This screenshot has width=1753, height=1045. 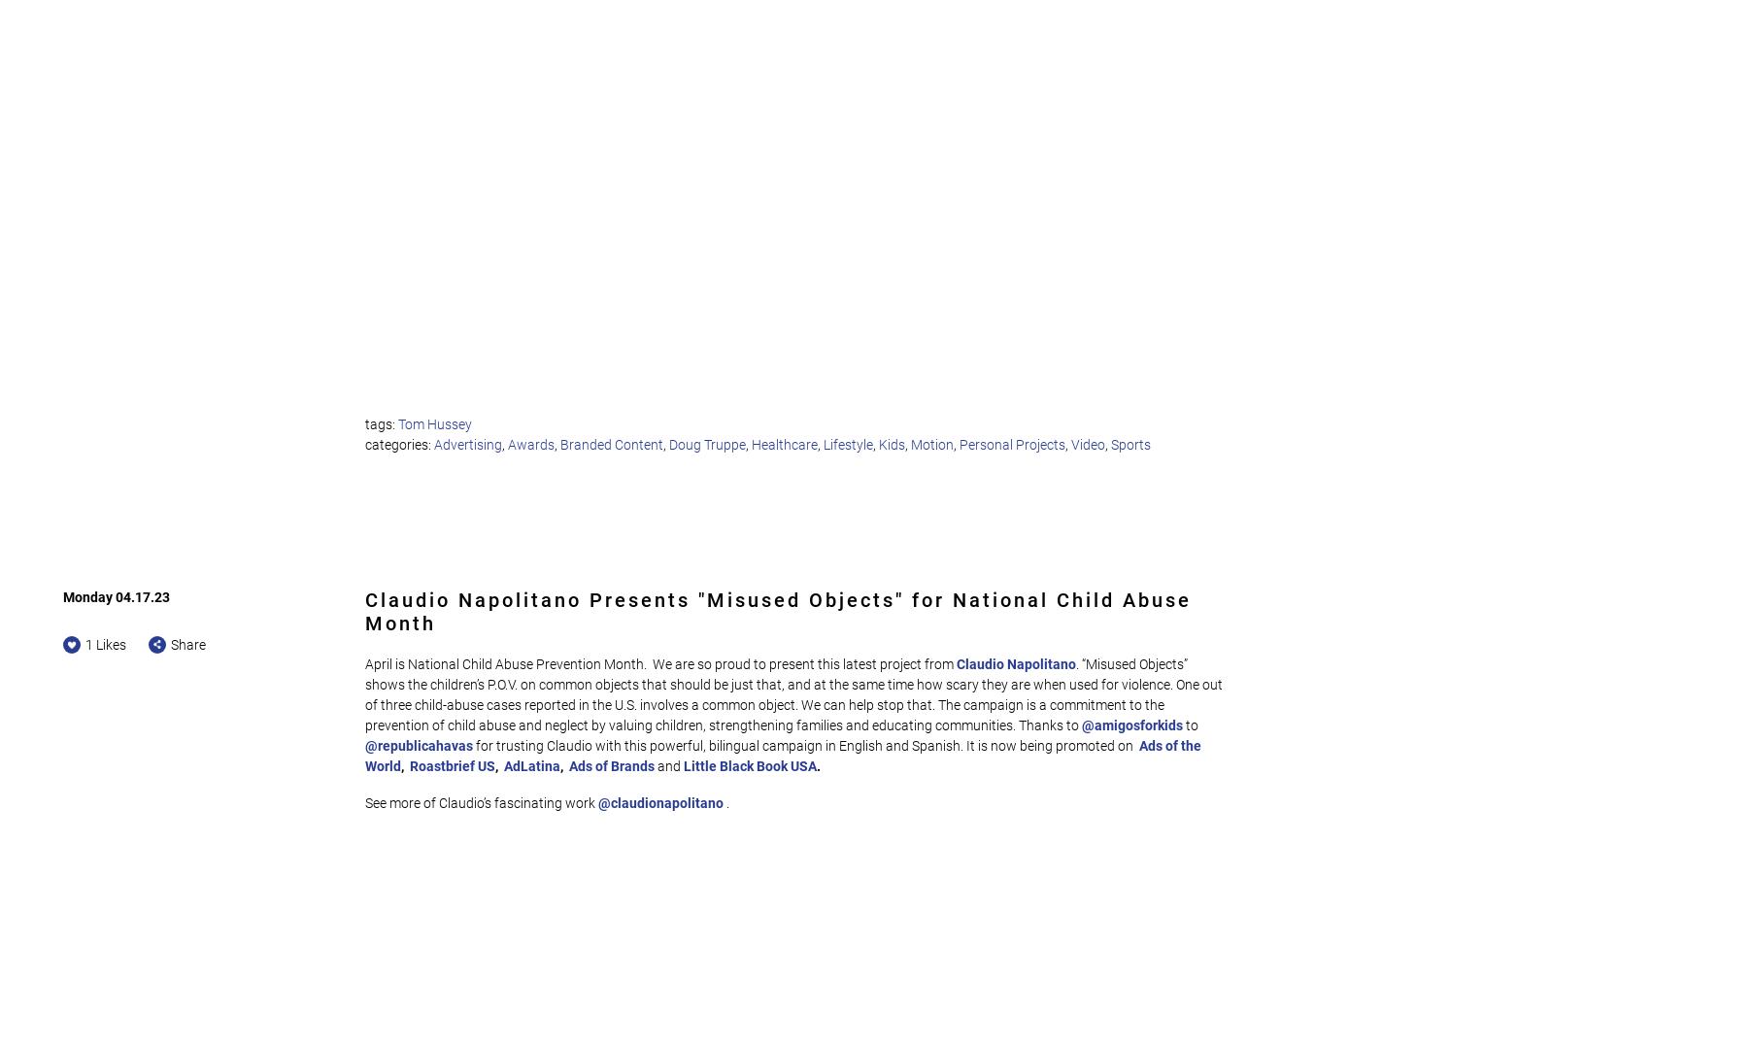 What do you see at coordinates (784, 755) in the screenshot?
I see `'Ads of the World'` at bounding box center [784, 755].